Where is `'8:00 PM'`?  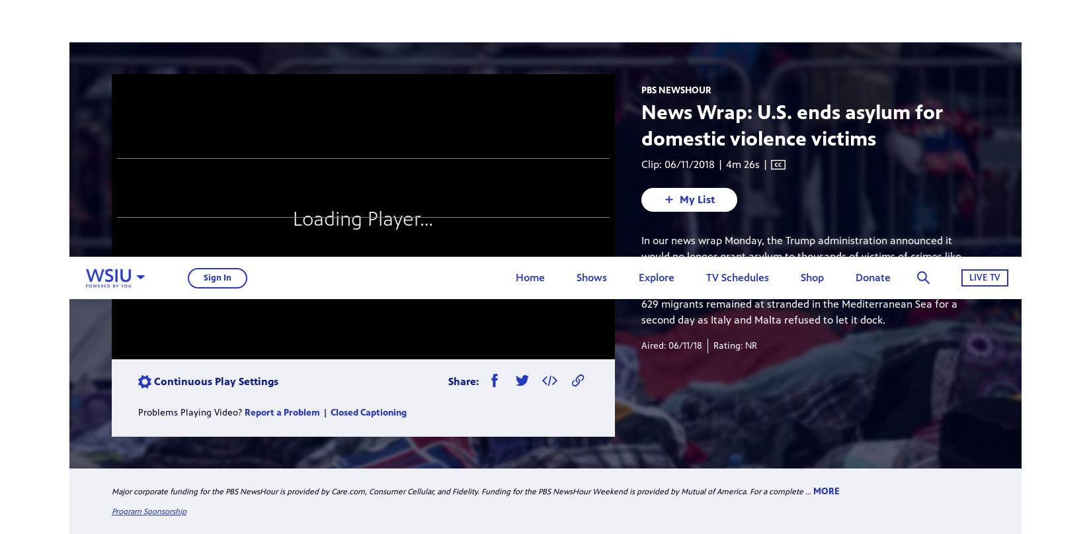
'8:00 PM' is located at coordinates (614, 173).